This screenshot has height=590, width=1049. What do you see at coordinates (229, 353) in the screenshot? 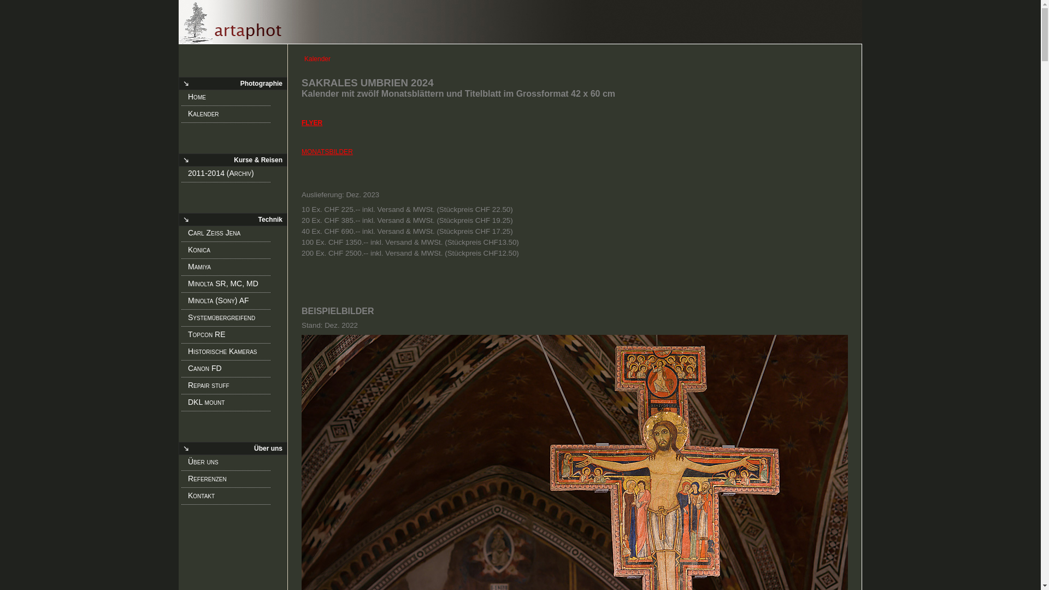
I see `'Historische Kameras'` at bounding box center [229, 353].